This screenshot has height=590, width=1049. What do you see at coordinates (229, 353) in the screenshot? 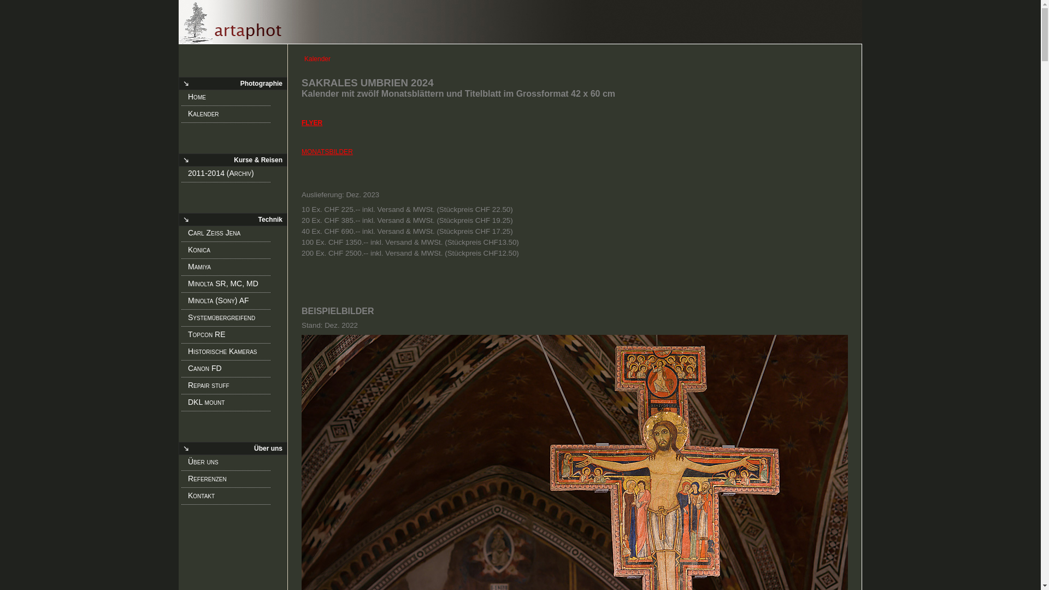
I see `'Historische Kameras'` at bounding box center [229, 353].